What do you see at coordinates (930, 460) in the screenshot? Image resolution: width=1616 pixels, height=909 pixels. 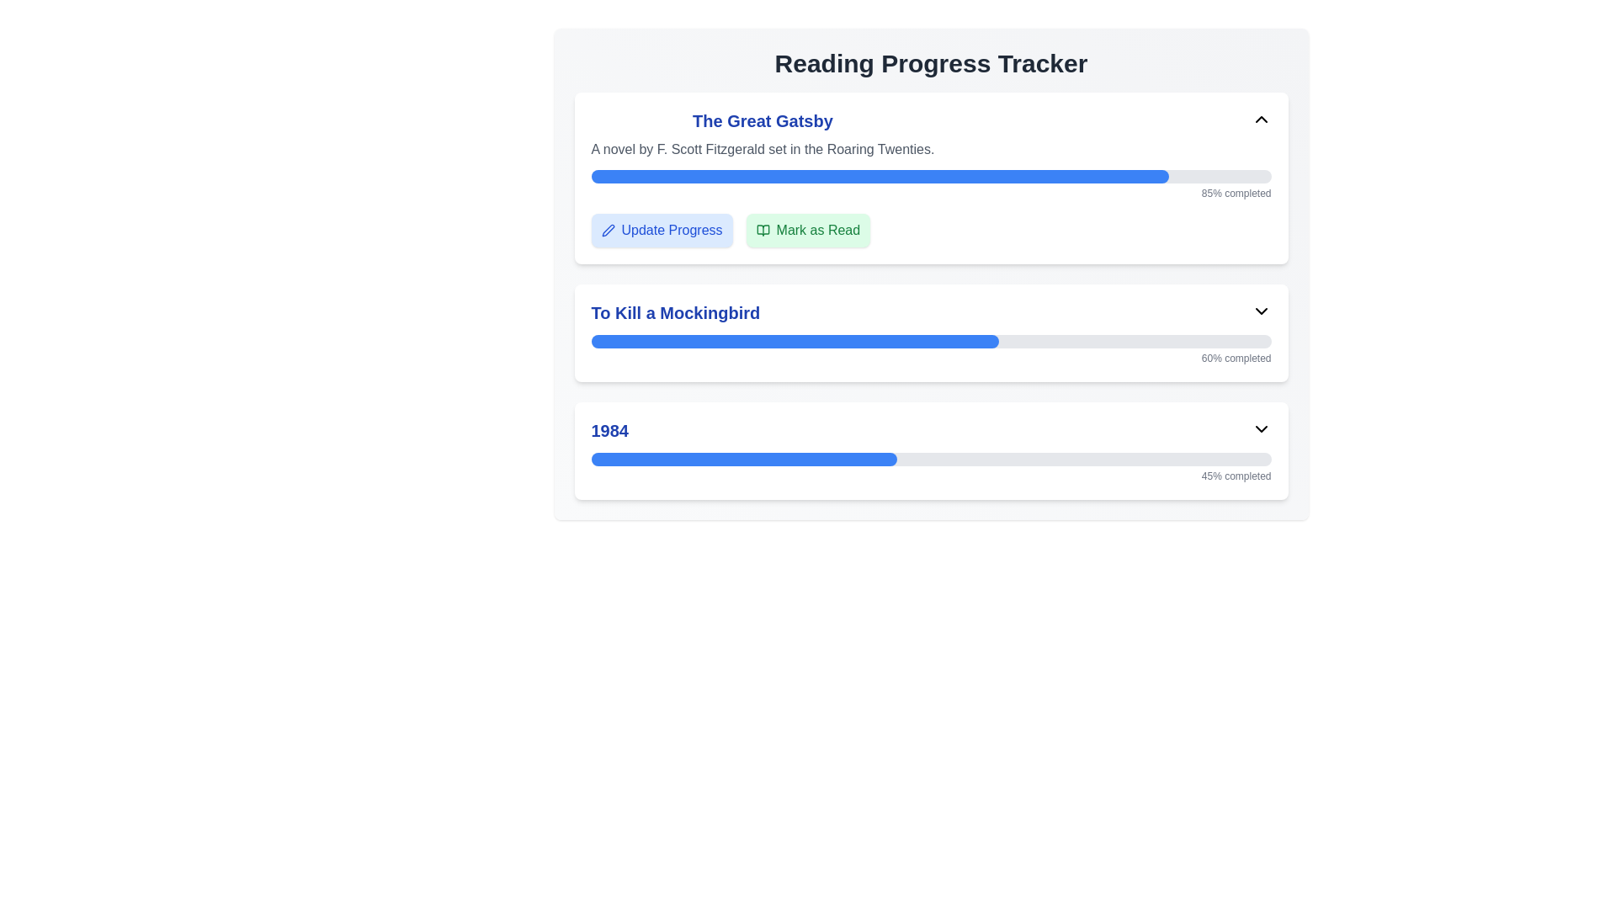 I see `the progress bar indicating 45% completion located within the third card for the book '1984', centered below the title` at bounding box center [930, 460].